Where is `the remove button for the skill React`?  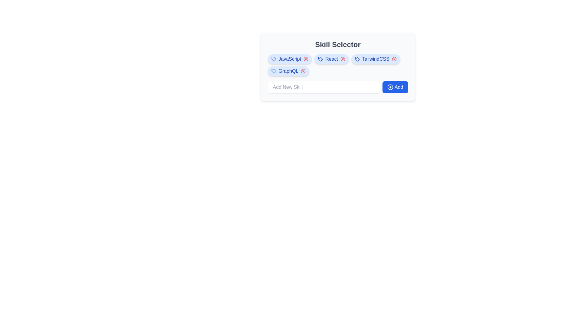 the remove button for the skill React is located at coordinates (343, 59).